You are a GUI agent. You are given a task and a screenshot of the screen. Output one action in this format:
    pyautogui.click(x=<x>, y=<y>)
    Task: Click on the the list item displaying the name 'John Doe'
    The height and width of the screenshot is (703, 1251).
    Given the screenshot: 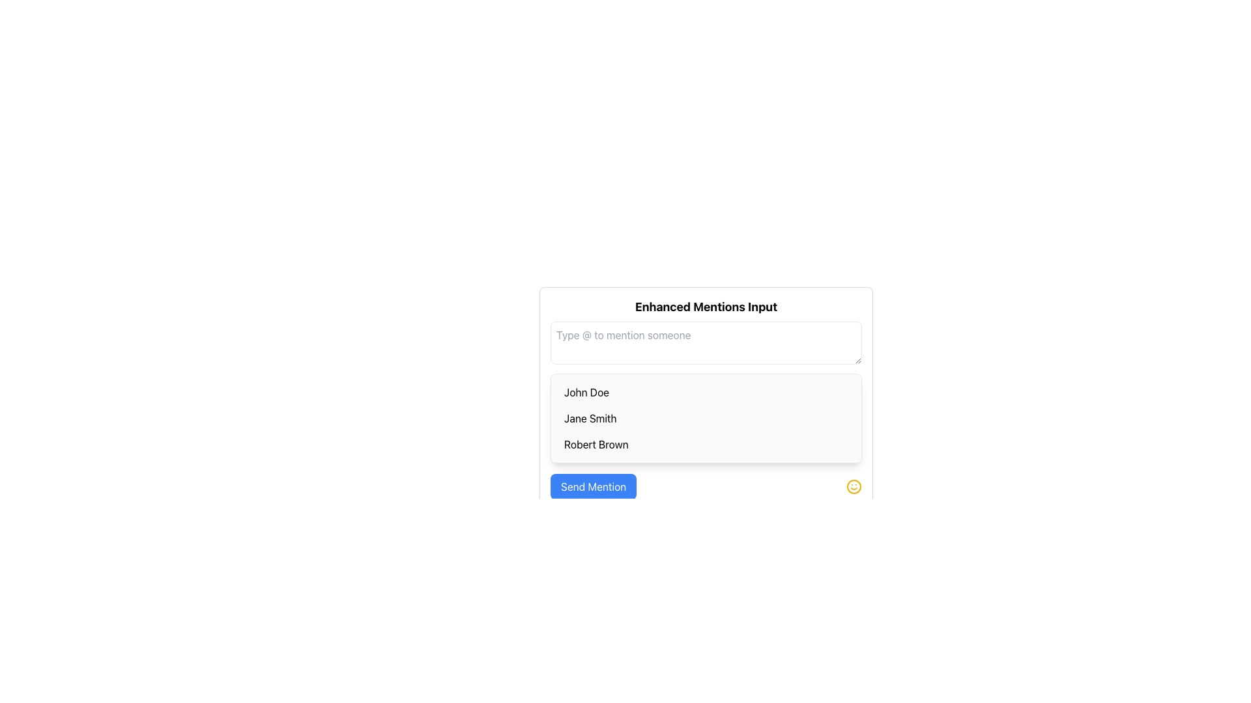 What is the action you would take?
    pyautogui.click(x=706, y=391)
    